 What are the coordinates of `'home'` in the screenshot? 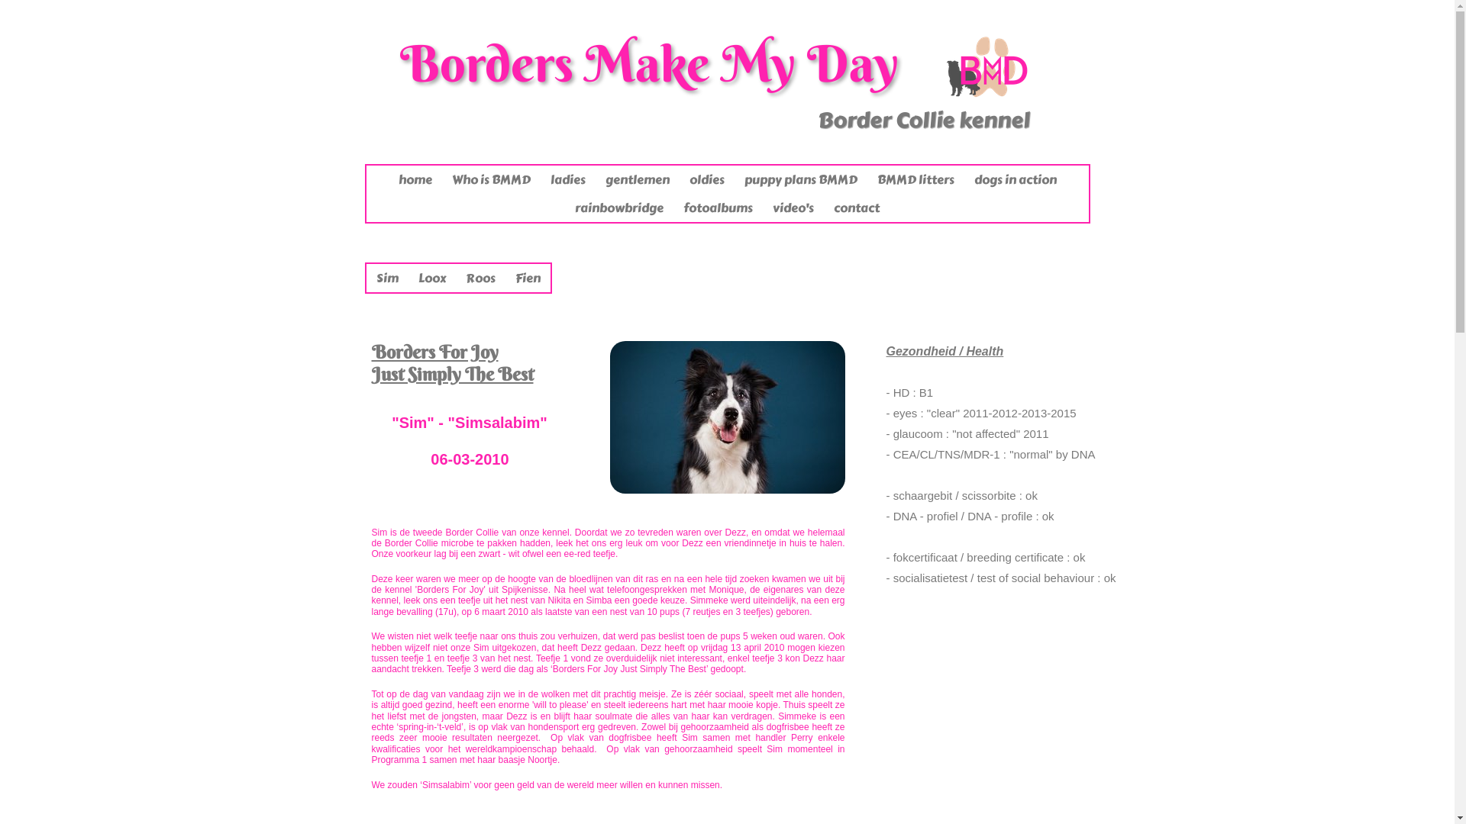 It's located at (414, 179).